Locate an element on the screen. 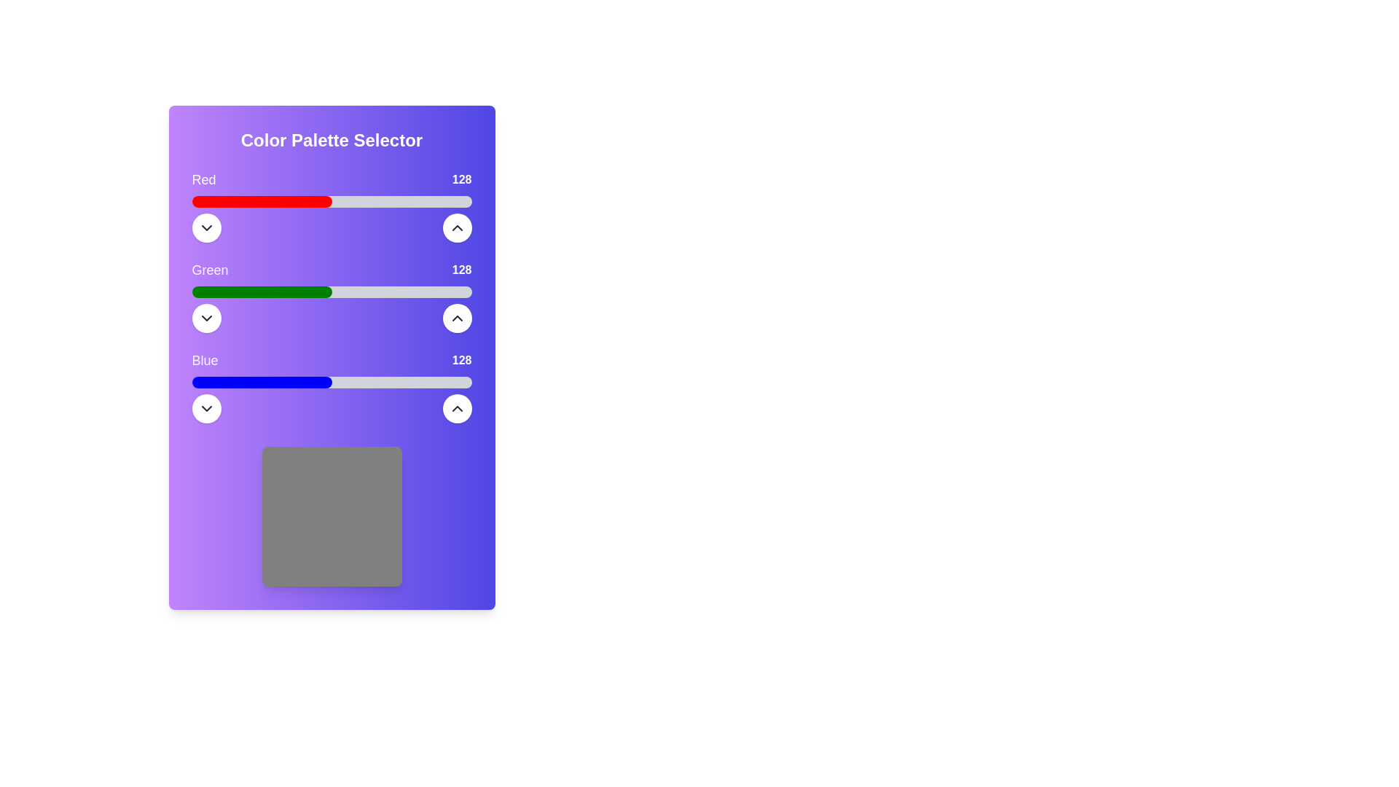  the Text Label displaying 'Green' and '128', which is located between the 'Red' and 'Blue' rows in a vertically stacked layout is located at coordinates (331, 270).